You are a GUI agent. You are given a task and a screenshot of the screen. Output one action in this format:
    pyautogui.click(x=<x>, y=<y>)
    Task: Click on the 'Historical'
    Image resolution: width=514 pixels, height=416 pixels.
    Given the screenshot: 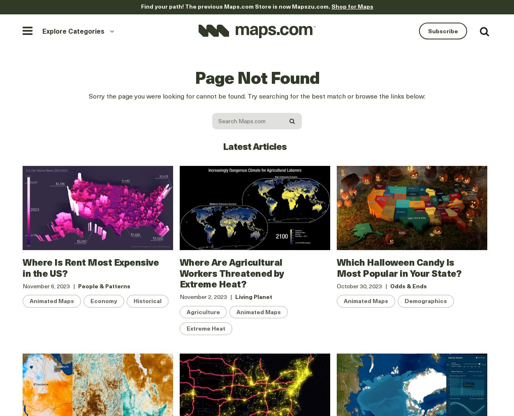 What is the action you would take?
    pyautogui.click(x=147, y=301)
    